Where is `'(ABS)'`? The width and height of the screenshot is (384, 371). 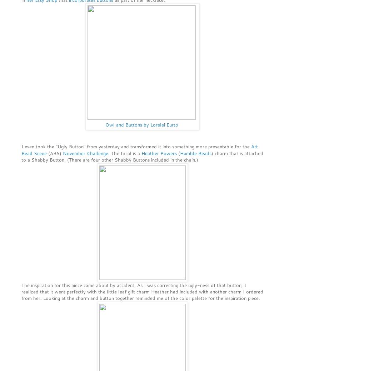 '(ABS)' is located at coordinates (55, 153).